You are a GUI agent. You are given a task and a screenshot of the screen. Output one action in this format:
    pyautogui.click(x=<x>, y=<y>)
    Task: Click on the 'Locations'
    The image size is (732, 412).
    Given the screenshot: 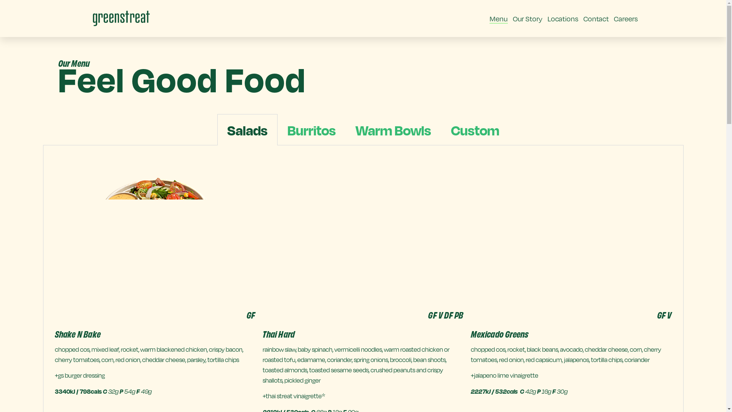 What is the action you would take?
    pyautogui.click(x=563, y=18)
    